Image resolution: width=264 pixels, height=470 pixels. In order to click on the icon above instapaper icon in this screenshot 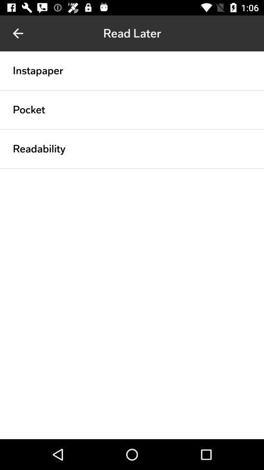, I will do `click(18, 33)`.